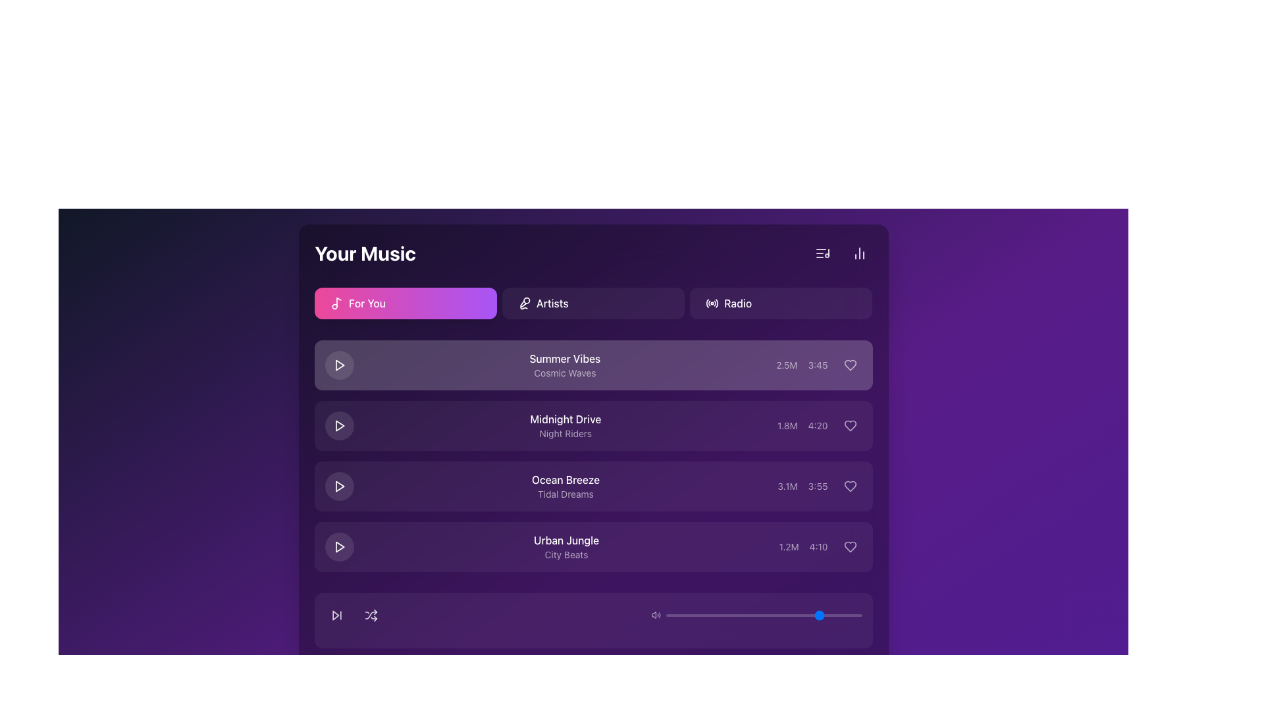  What do you see at coordinates (340, 487) in the screenshot?
I see `the triangular play button associated with the 'Ocean Breeze' song entry` at bounding box center [340, 487].